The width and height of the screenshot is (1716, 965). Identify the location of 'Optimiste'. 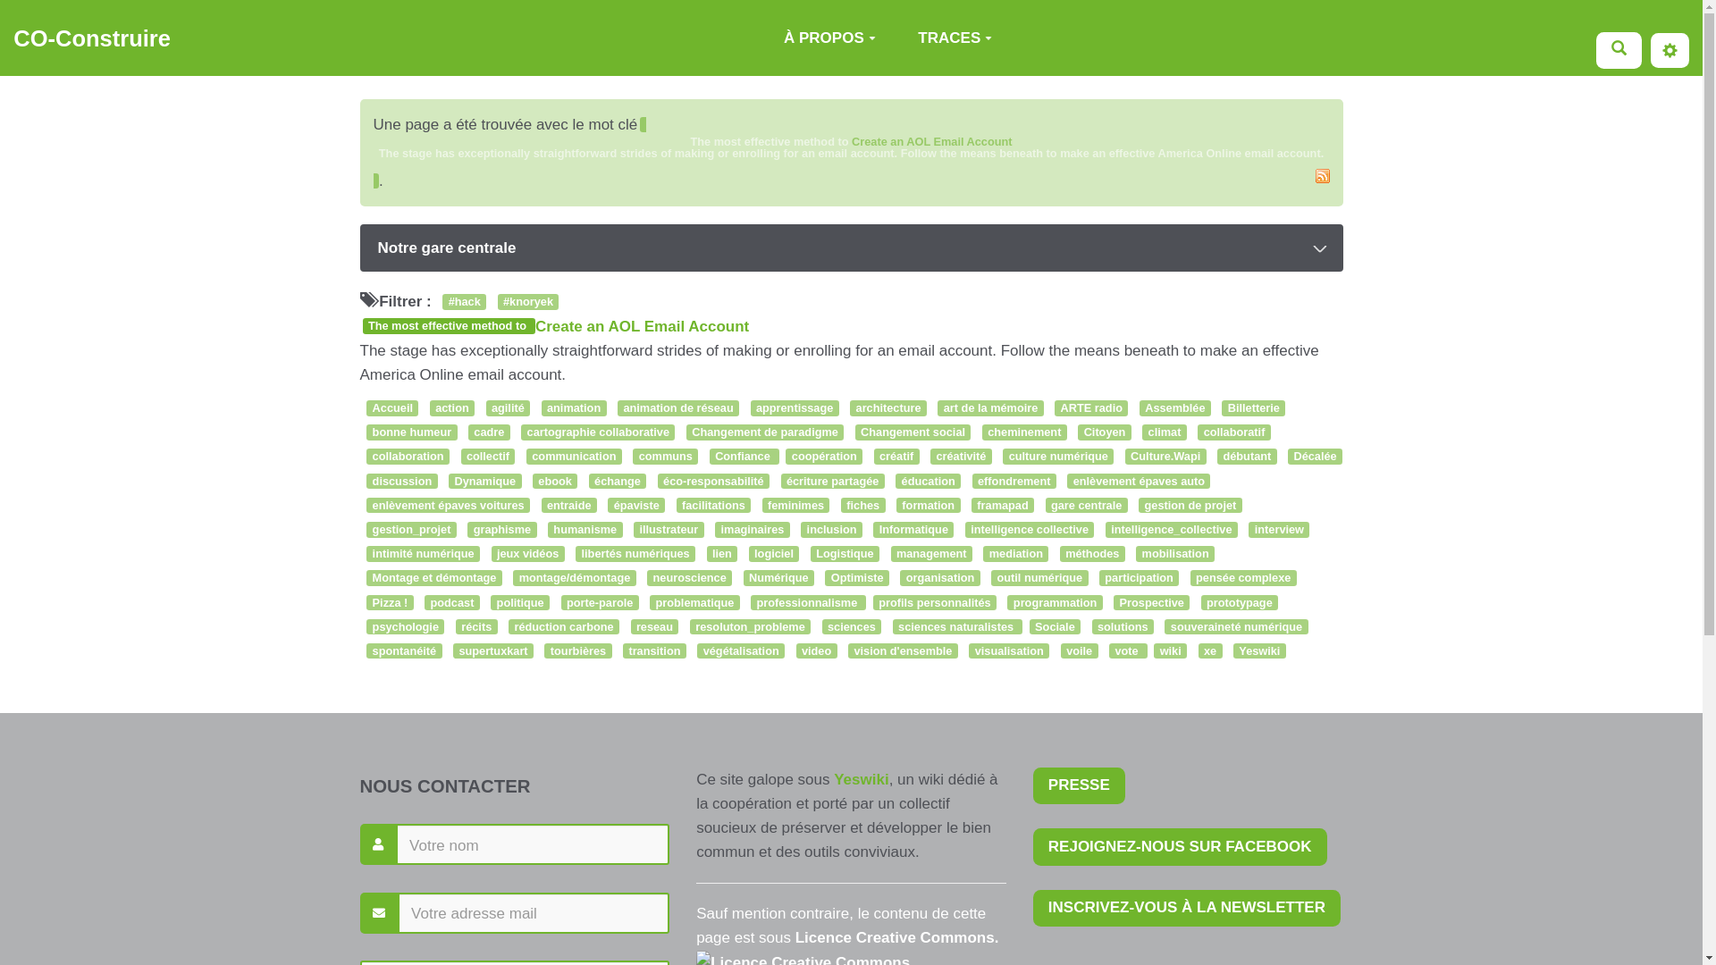
(856, 578).